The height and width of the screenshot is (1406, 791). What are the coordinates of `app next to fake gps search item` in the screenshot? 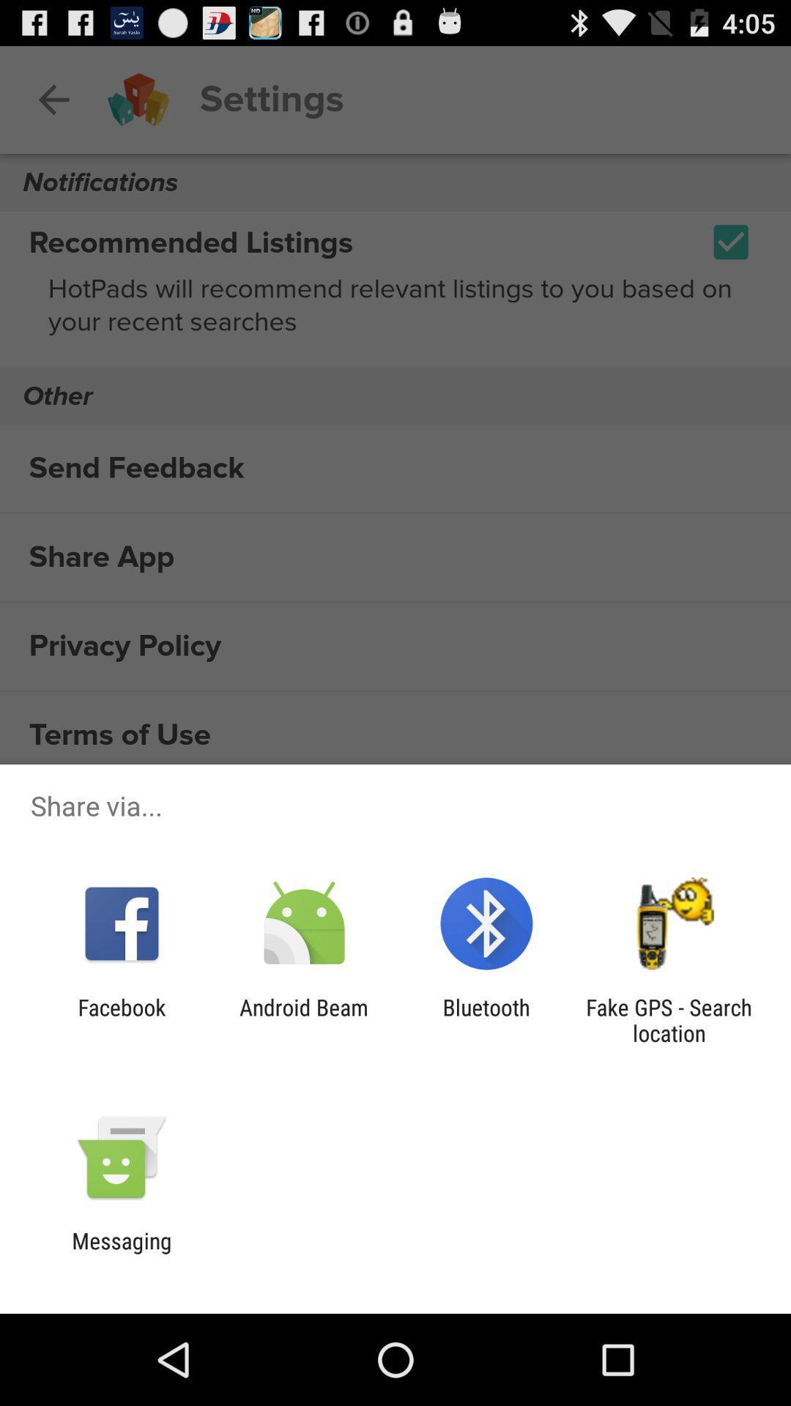 It's located at (486, 1019).